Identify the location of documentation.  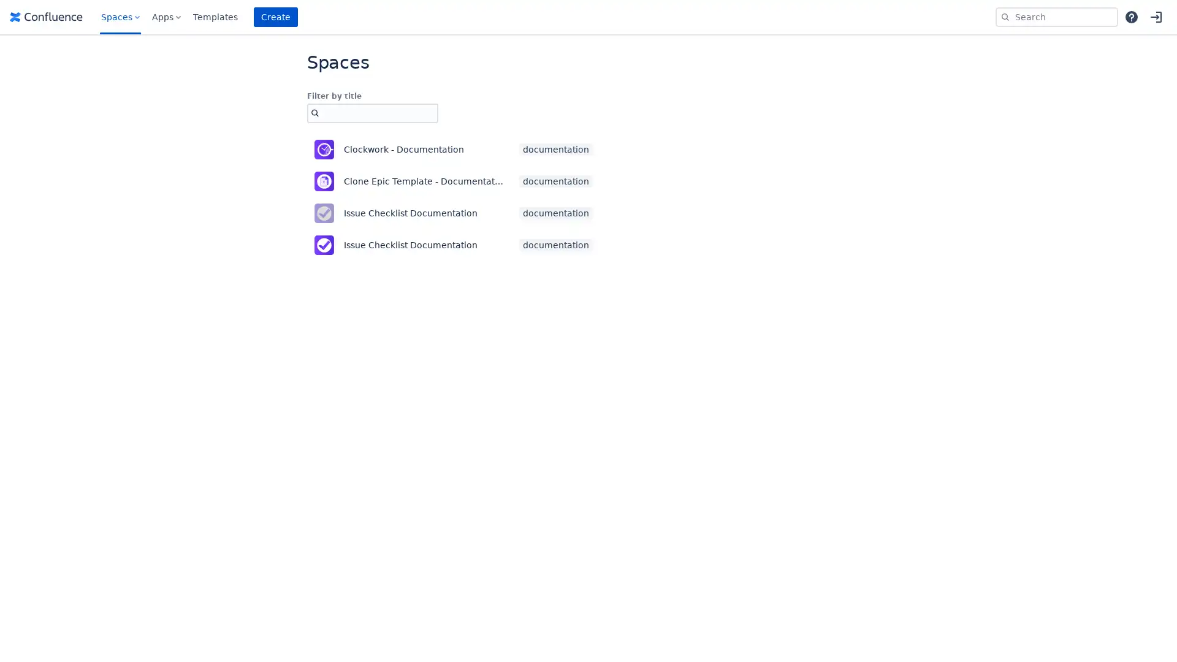
(555, 148).